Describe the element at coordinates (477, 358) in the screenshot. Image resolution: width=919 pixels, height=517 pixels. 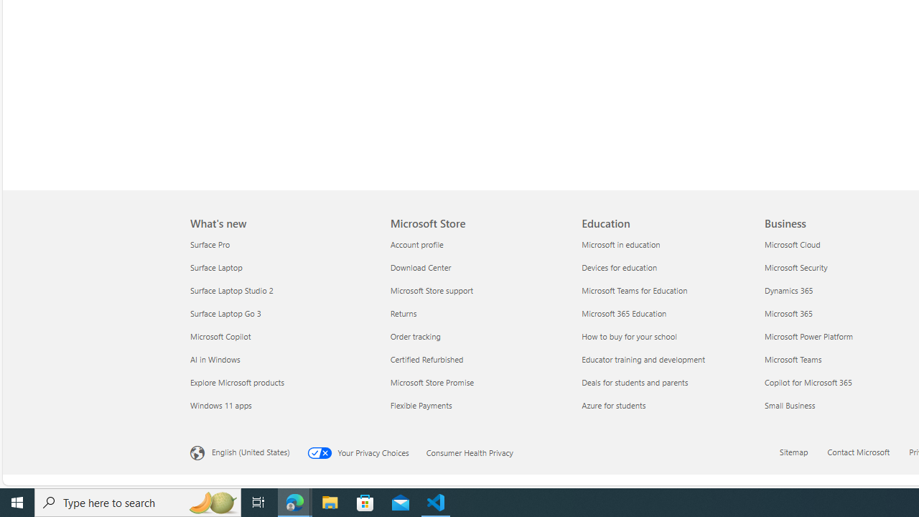
I see `'Certified Refurbished'` at that location.